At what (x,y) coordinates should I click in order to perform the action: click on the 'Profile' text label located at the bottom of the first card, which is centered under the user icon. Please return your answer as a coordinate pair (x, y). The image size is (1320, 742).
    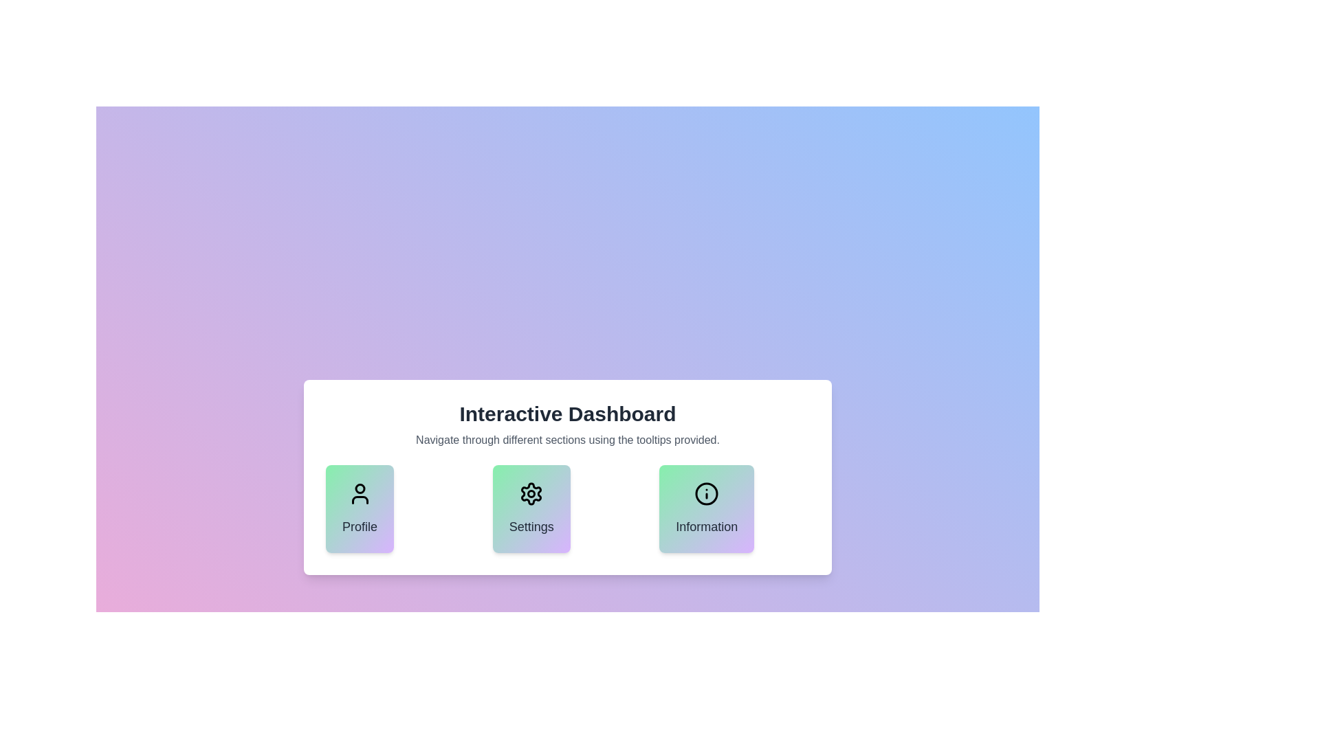
    Looking at the image, I should click on (360, 526).